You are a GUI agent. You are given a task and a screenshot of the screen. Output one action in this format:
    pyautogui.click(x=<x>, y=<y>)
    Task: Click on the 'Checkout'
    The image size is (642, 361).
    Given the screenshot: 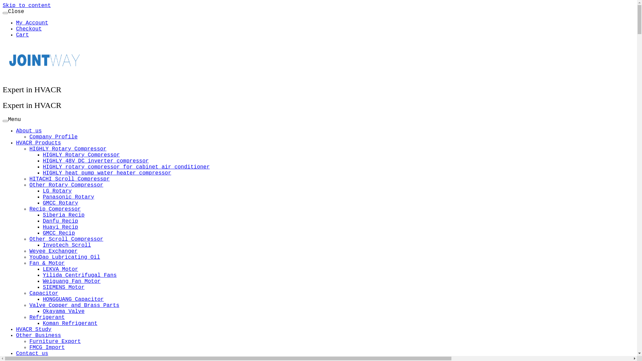 What is the action you would take?
    pyautogui.click(x=28, y=29)
    